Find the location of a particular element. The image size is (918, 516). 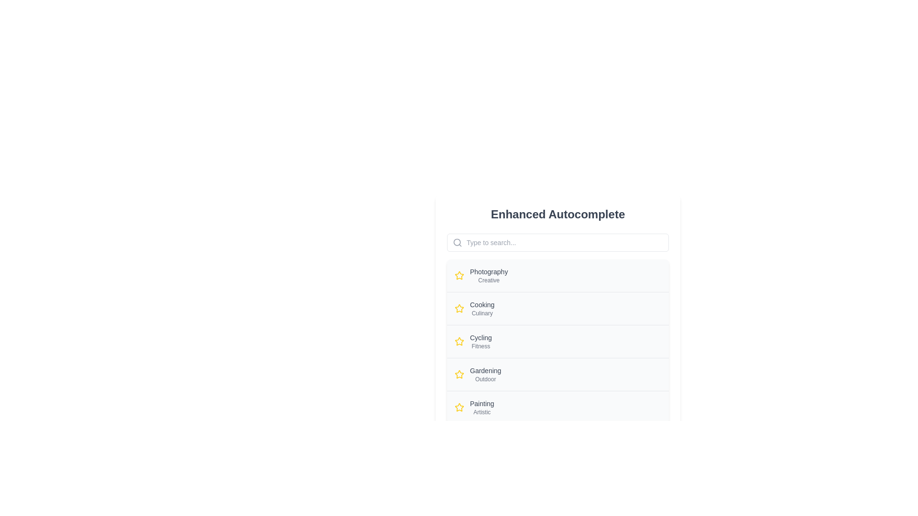

text label that serves as a descriptor for the 'Cycling' entry, located beneath the 'Cycling' header, which provides additional information about it is located at coordinates (481, 346).